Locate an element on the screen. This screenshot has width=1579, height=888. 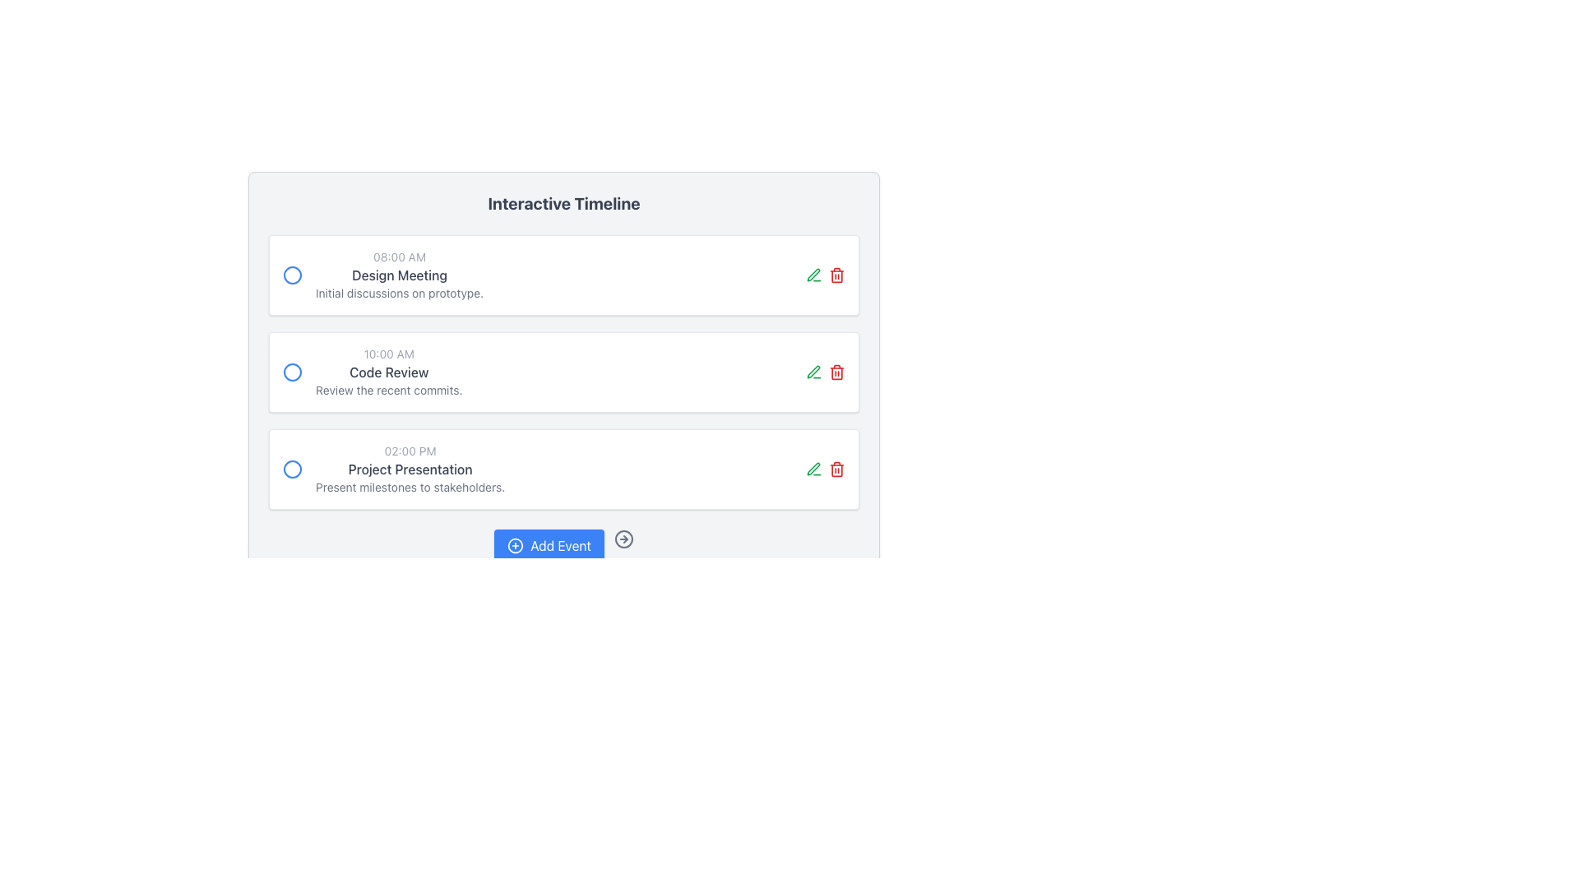
the third item in the timeline list, which represents a scheduled event, positioned between 'Code Review' and the 'Add Event' button is located at coordinates (393, 469).